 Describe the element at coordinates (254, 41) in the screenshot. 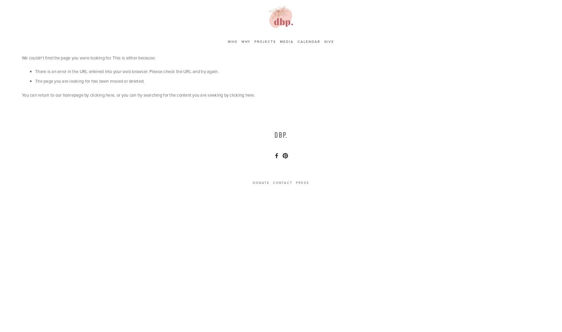

I see `'Projects'` at that location.